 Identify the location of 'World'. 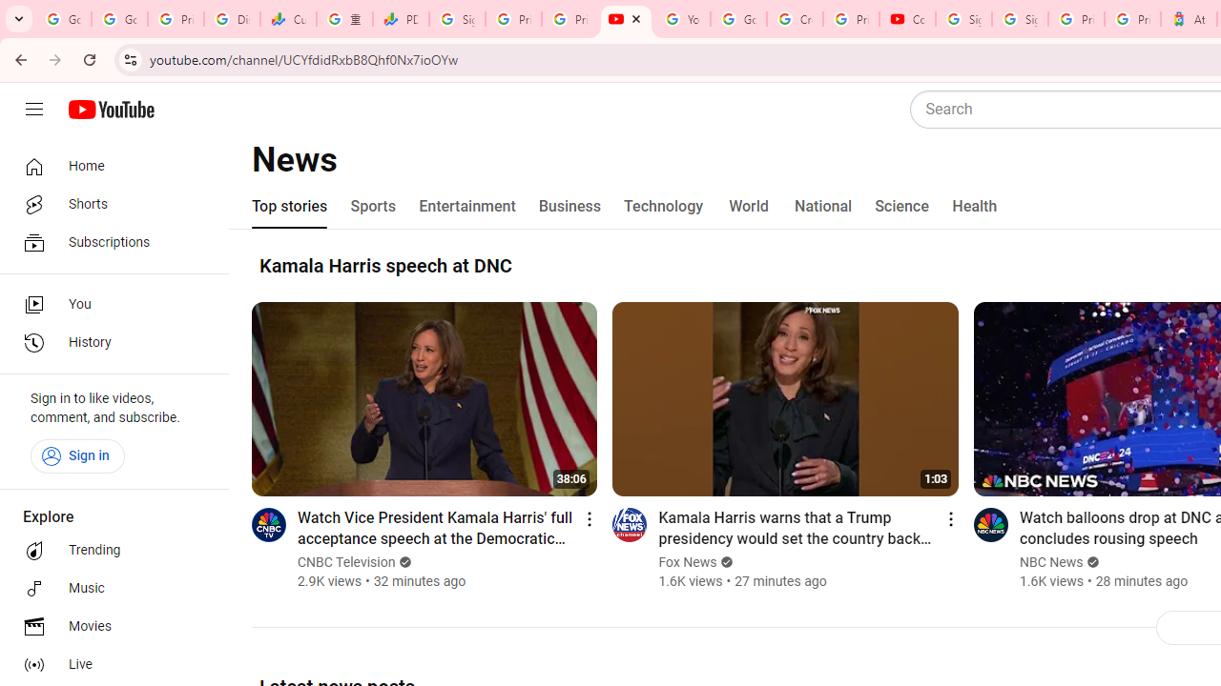
(748, 207).